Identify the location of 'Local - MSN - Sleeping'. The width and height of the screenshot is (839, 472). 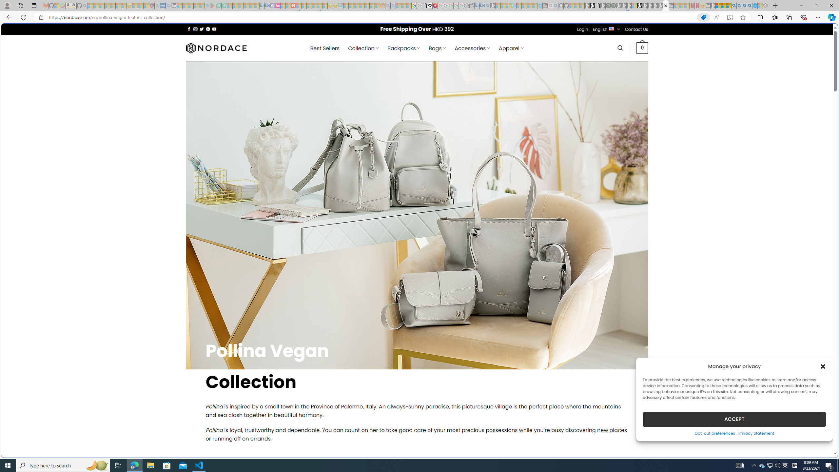
(146, 5).